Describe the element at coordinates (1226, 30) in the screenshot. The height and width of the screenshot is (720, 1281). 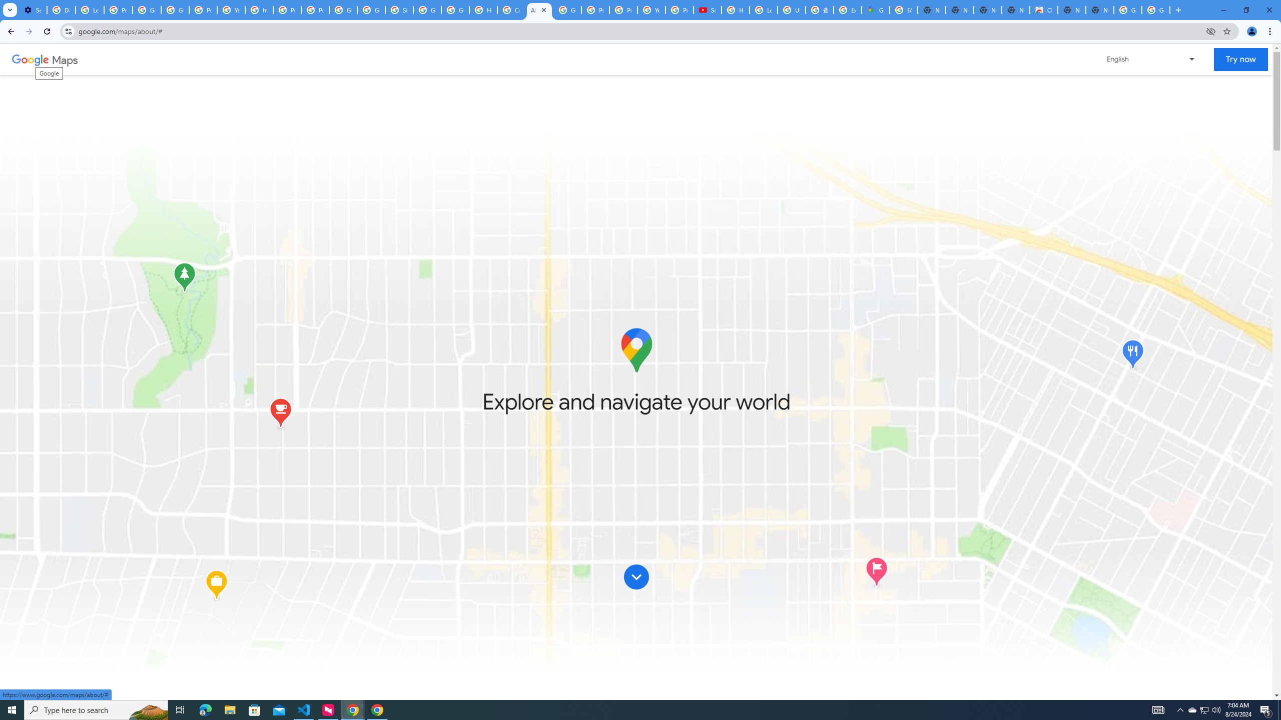
I see `'Bookmark this tab'` at that location.